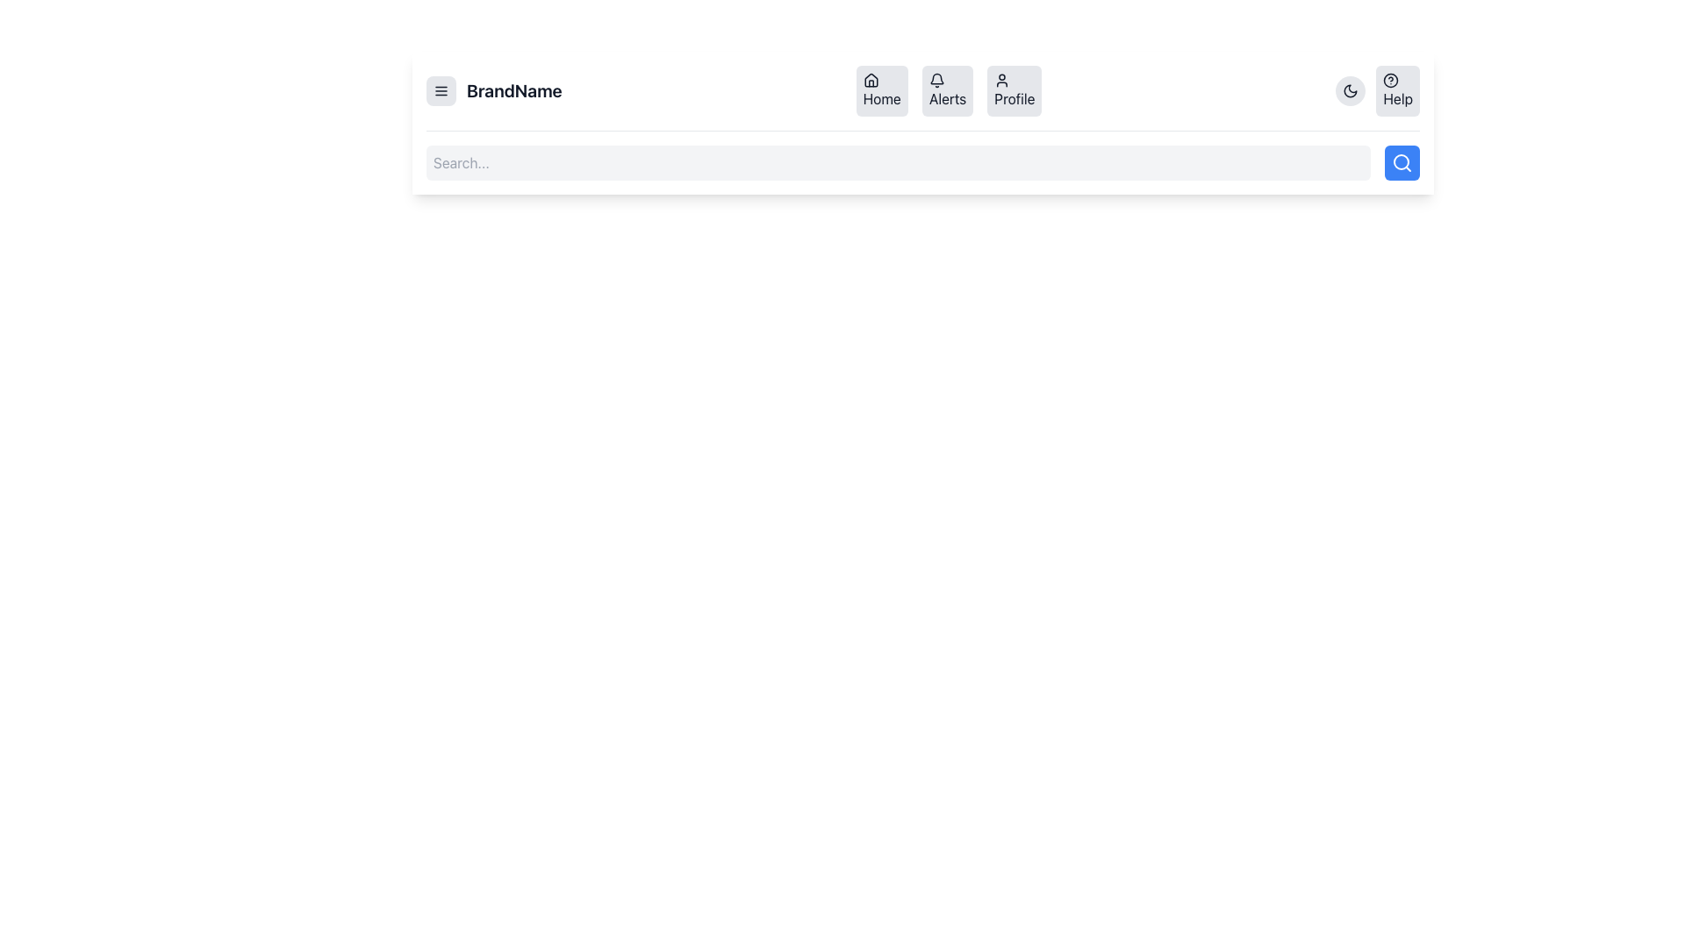 The image size is (1685, 947). What do you see at coordinates (936, 81) in the screenshot?
I see `the bell icon representing the 'Alerts' button located in the top navigation bar, which is the leftmost element inside the 'Alerts' button` at bounding box center [936, 81].